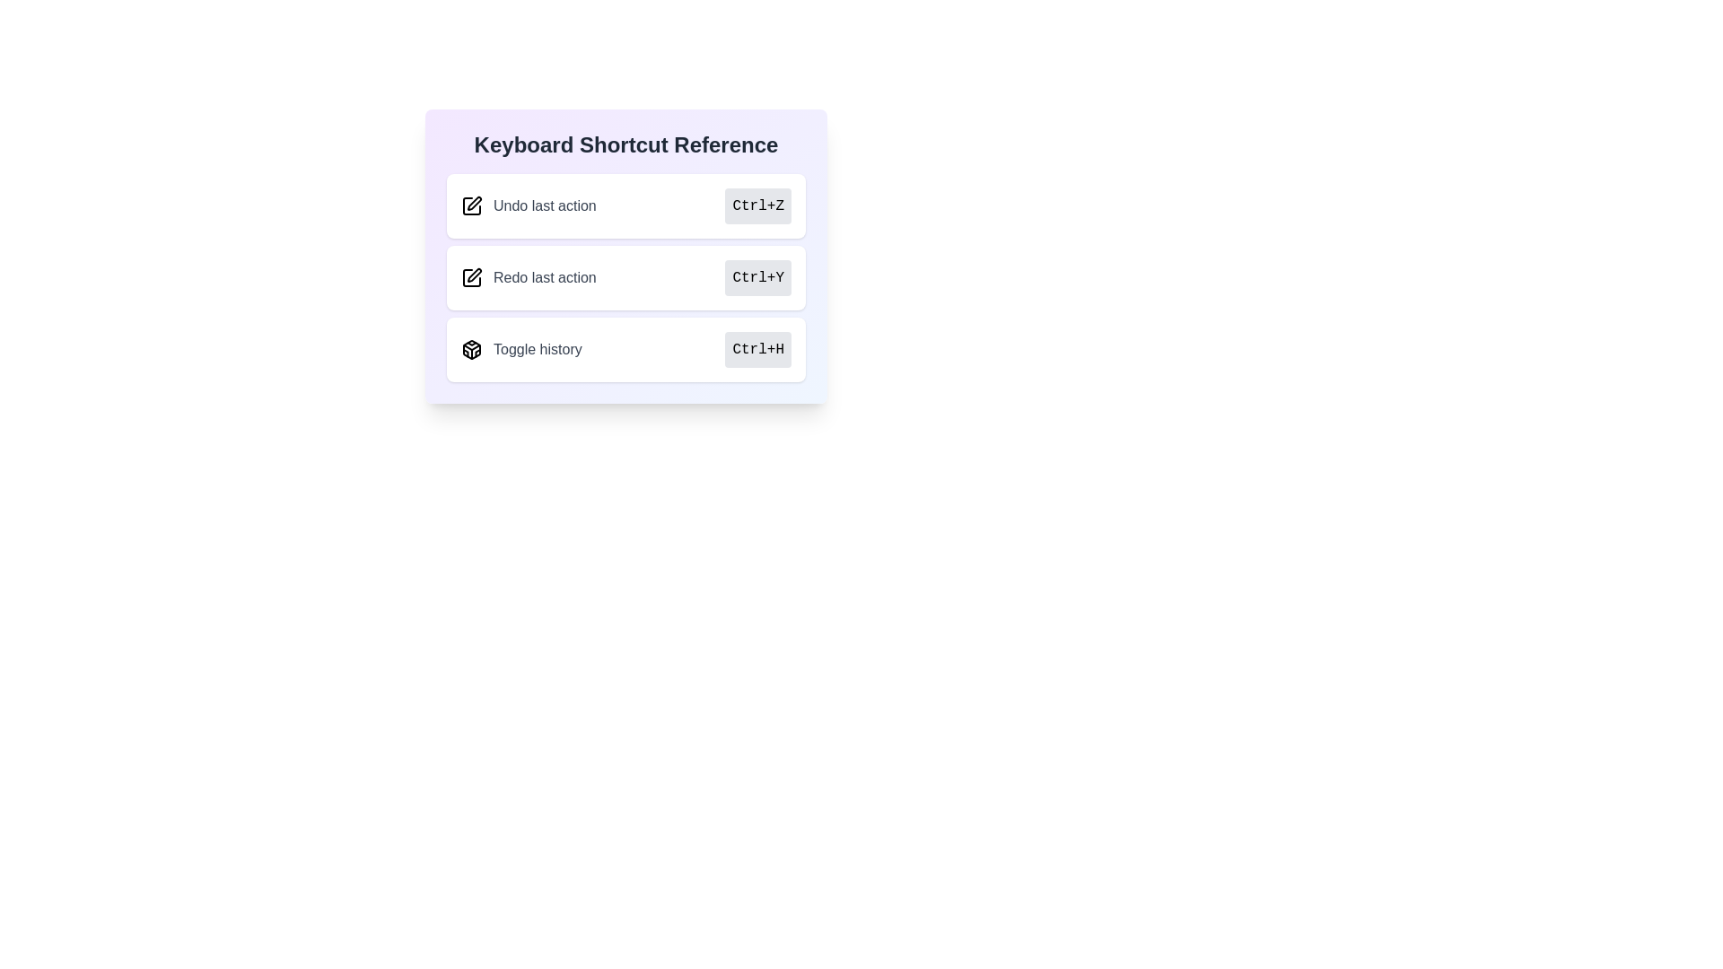 The height and width of the screenshot is (969, 1723). I want to click on the pen icon located to the left of the 'Undo last action' text in the 'Keyboard Shortcut Reference' list, so click(472, 205).